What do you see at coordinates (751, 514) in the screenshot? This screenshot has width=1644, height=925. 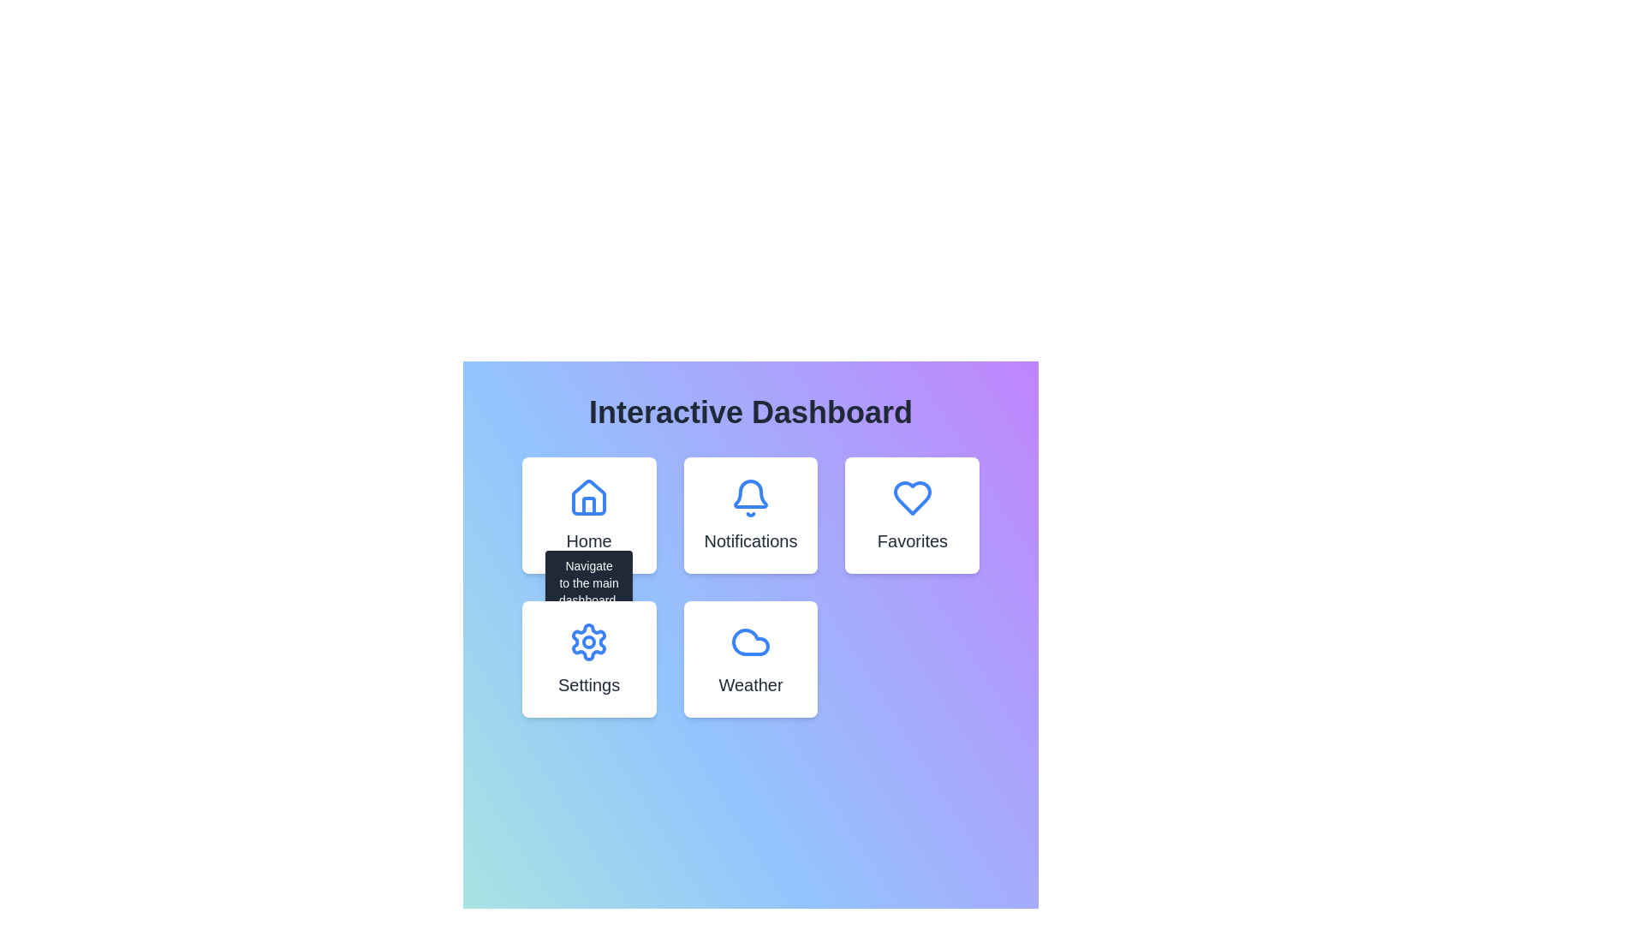 I see `the 'Notifications' interactive card, which is the second card from the left in the first row of a grid layout` at bounding box center [751, 514].